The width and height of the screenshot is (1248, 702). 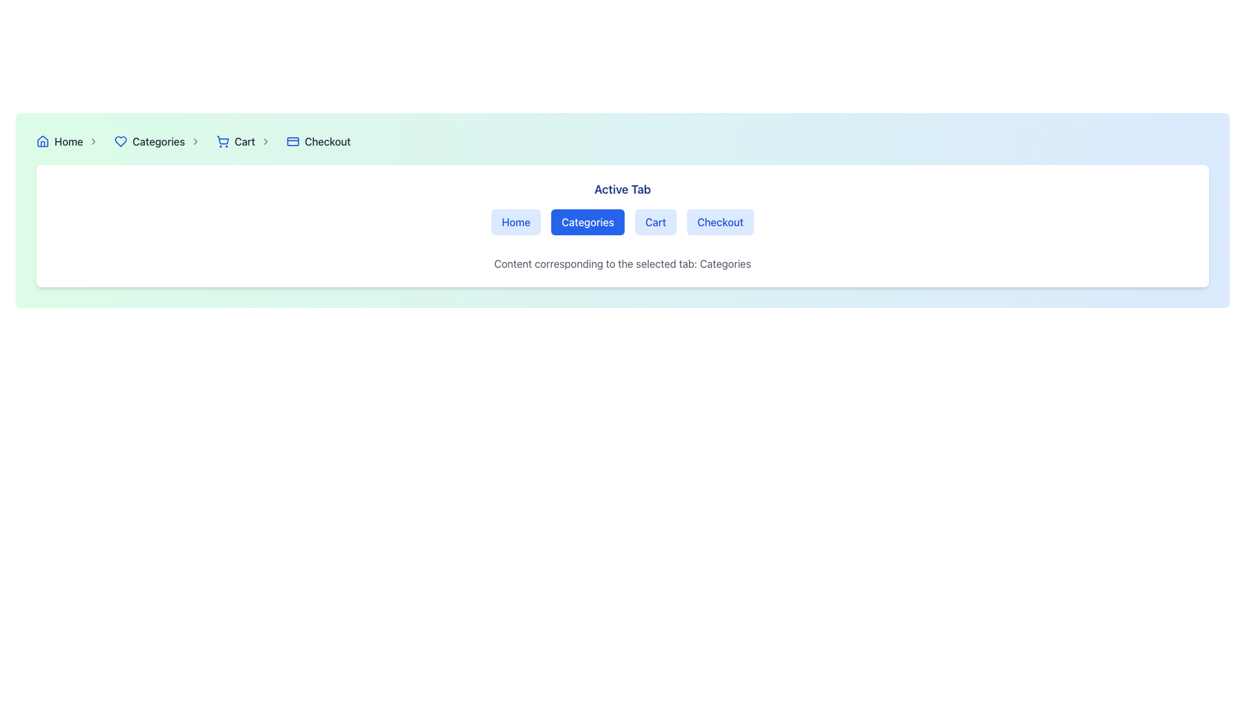 I want to click on the 'Checkout' text link, so click(x=328, y=142).